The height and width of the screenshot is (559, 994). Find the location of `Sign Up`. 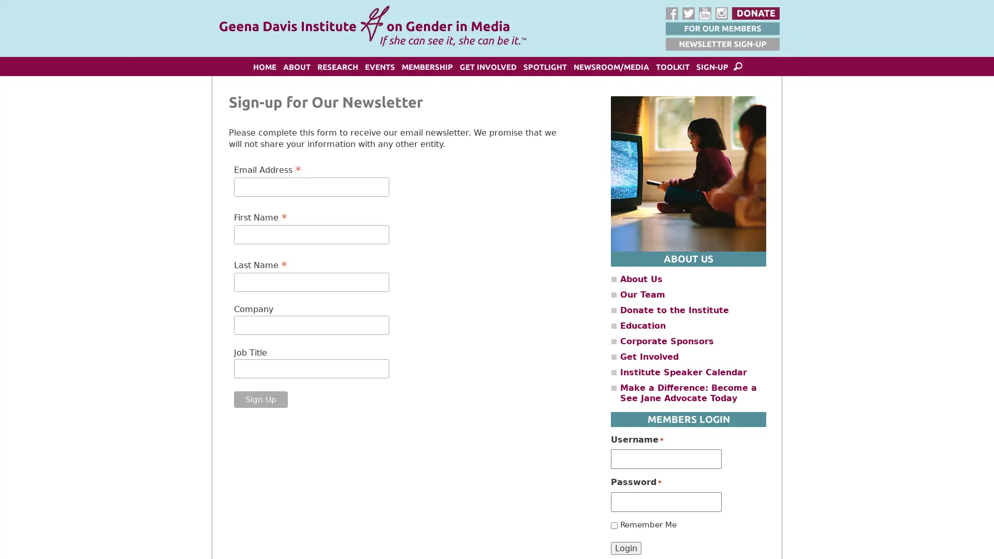

Sign Up is located at coordinates (260, 399).